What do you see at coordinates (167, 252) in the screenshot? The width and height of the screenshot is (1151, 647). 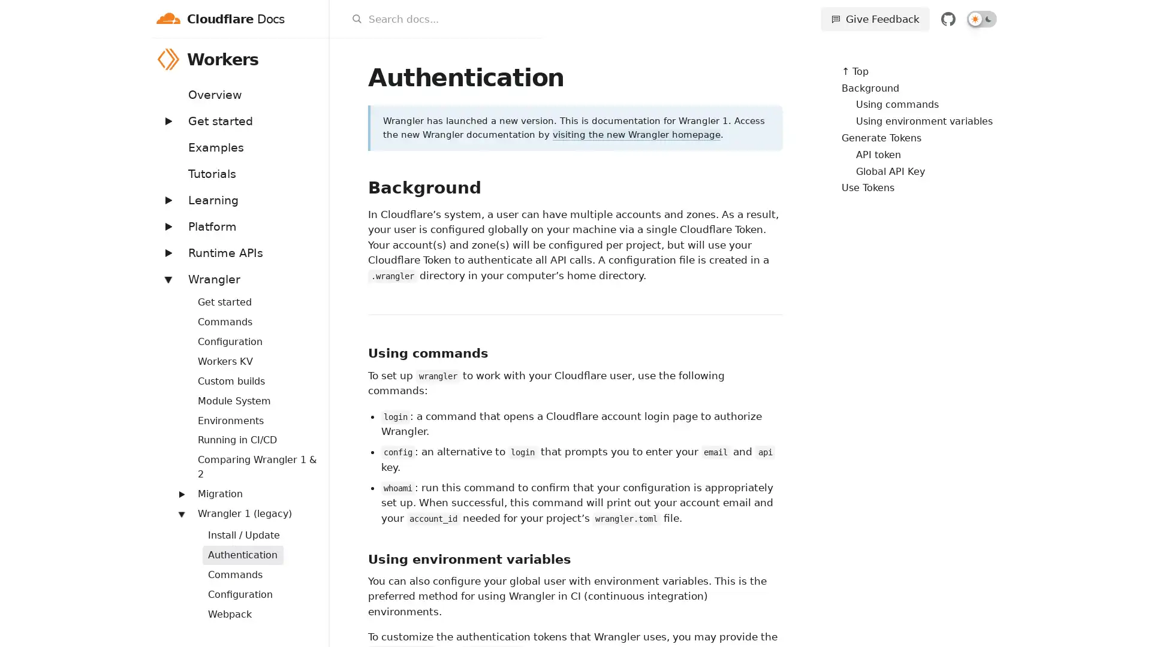 I see `Expand: Runtime APIs` at bounding box center [167, 252].